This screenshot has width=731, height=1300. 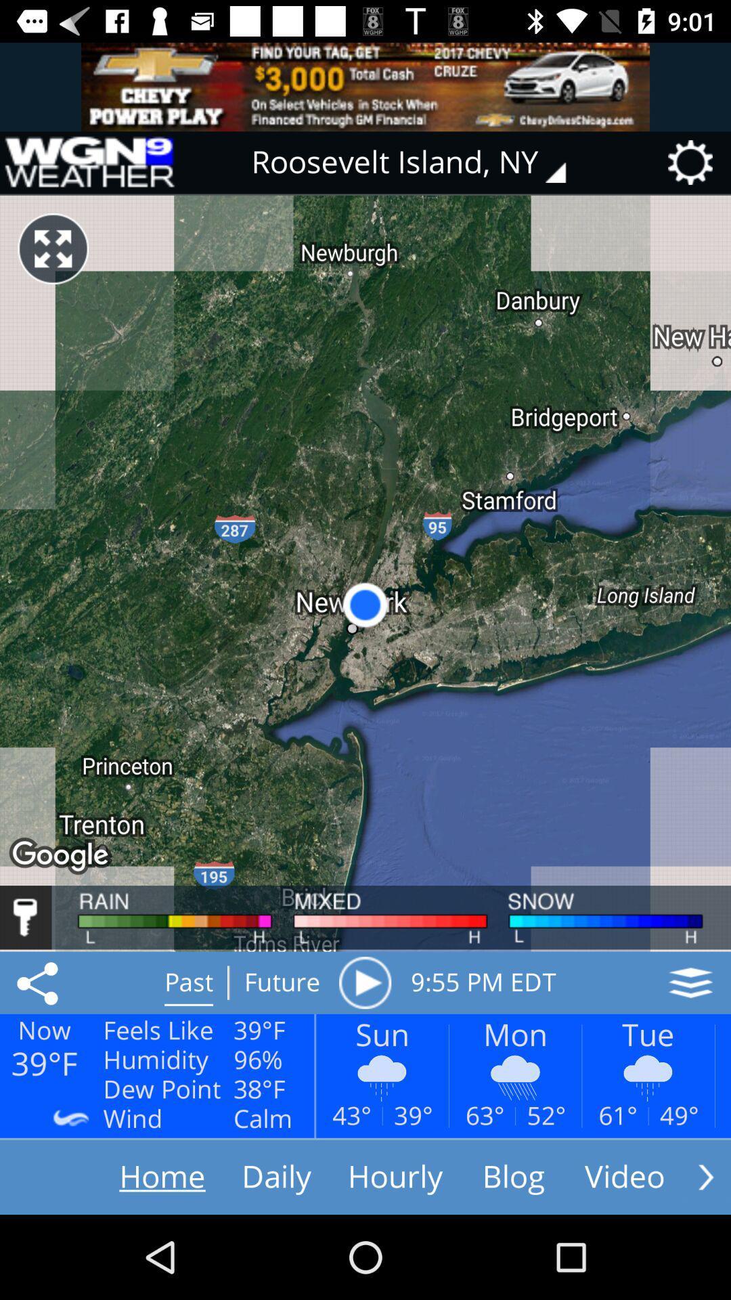 I want to click on share this map, so click(x=39, y=982).